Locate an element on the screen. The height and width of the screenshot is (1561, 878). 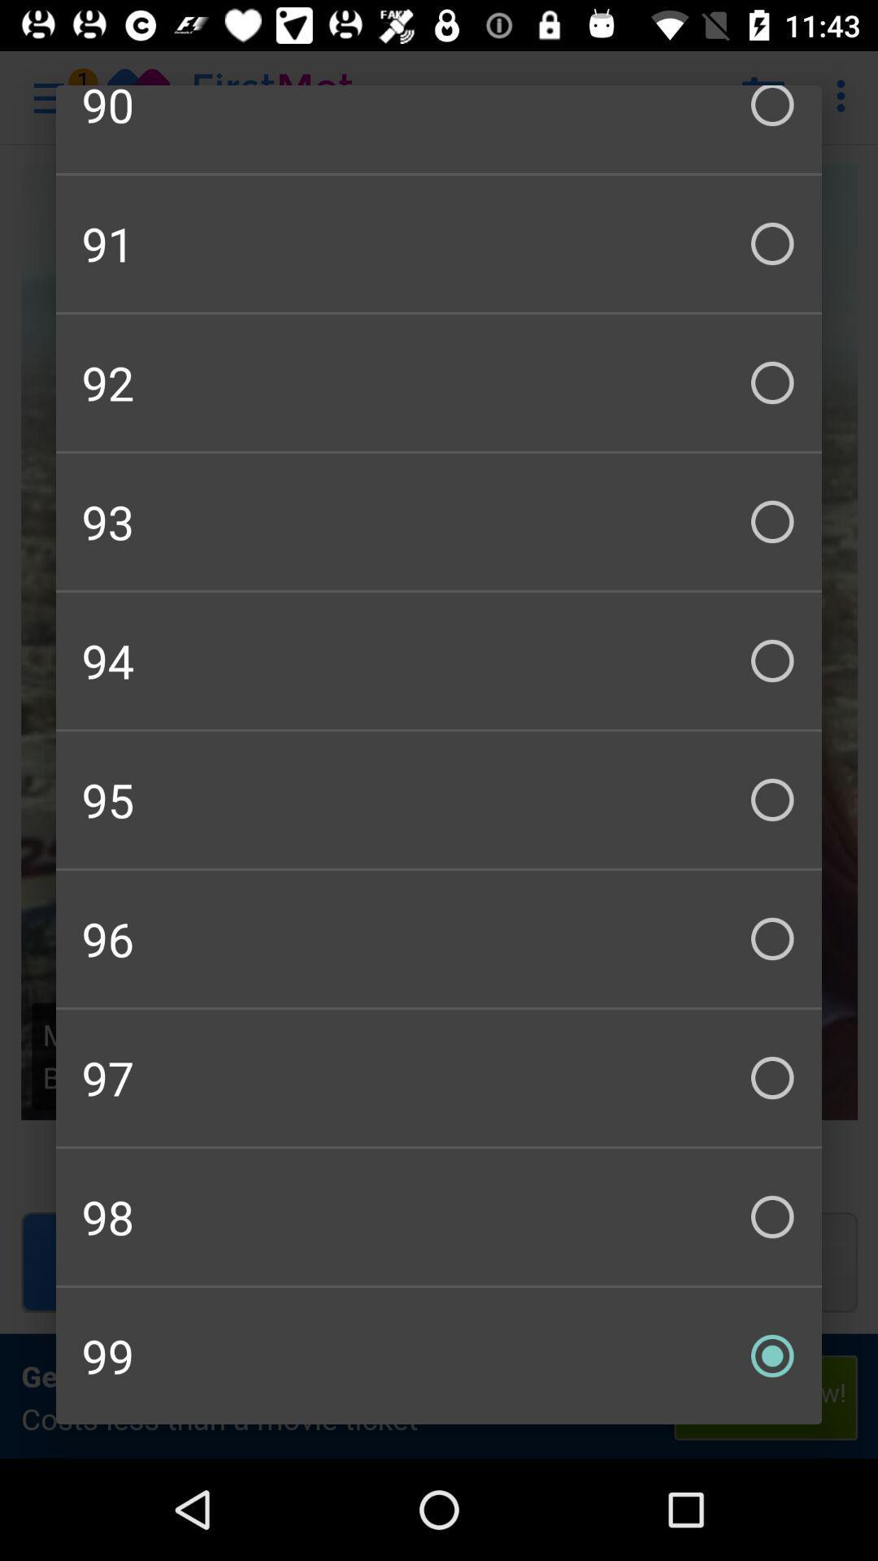
the icon above the 92 checkbox is located at coordinates (439, 242).